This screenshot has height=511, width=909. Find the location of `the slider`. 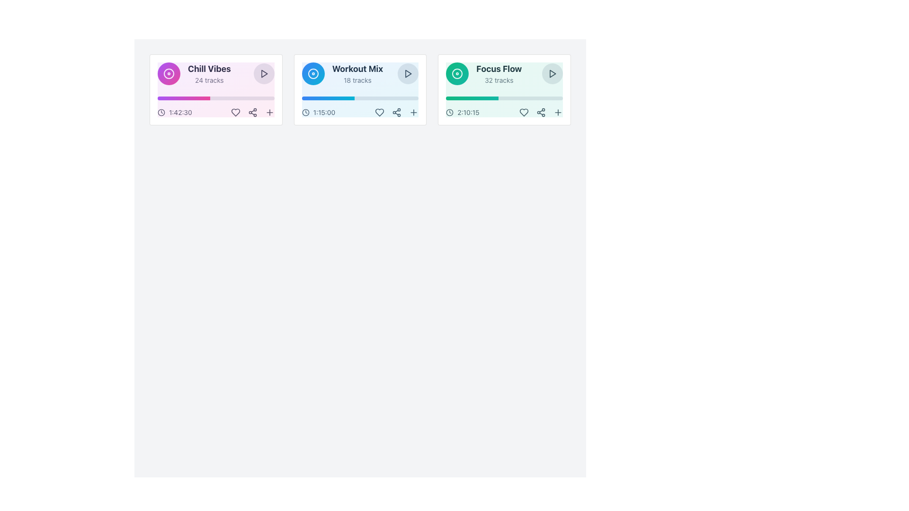

the slider is located at coordinates (349, 98).